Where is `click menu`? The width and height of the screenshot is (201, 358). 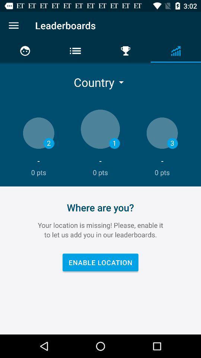 click menu is located at coordinates (13, 25).